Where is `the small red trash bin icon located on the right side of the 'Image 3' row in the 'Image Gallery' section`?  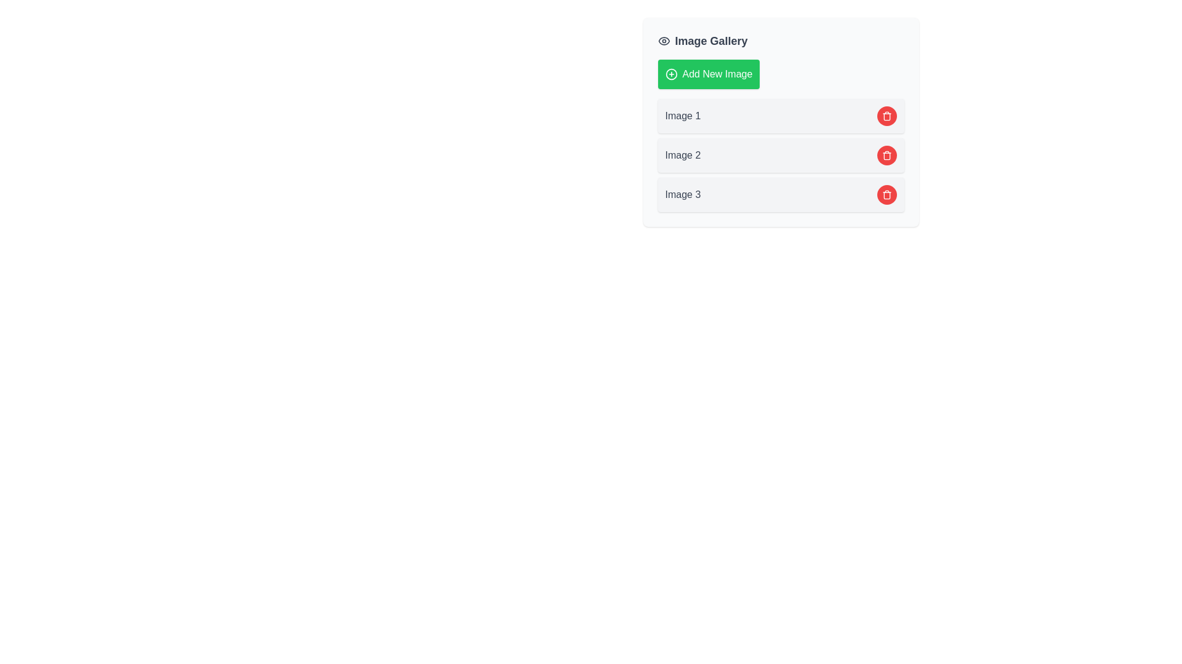 the small red trash bin icon located on the right side of the 'Image 3' row in the 'Image Gallery' section is located at coordinates (886, 155).